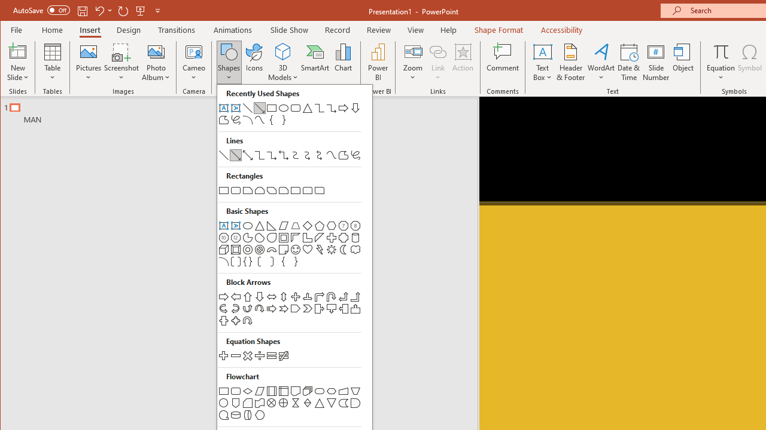 This screenshot has height=430, width=766. I want to click on 'Cameo', so click(194, 51).